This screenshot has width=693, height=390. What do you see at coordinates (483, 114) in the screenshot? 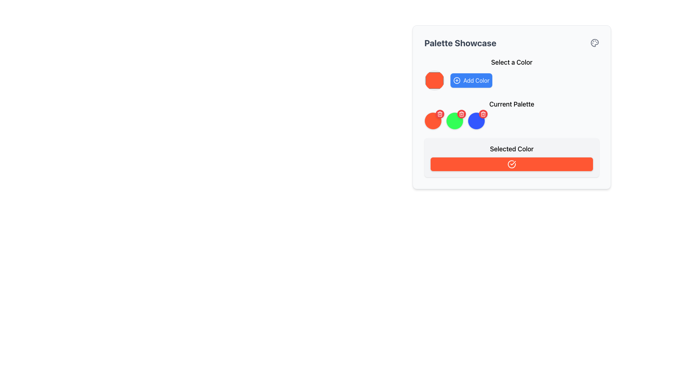
I see `the circular red button with a white trashcan icon located in the top-right corner of the blue circular element labeled 'Current Palette'` at bounding box center [483, 114].